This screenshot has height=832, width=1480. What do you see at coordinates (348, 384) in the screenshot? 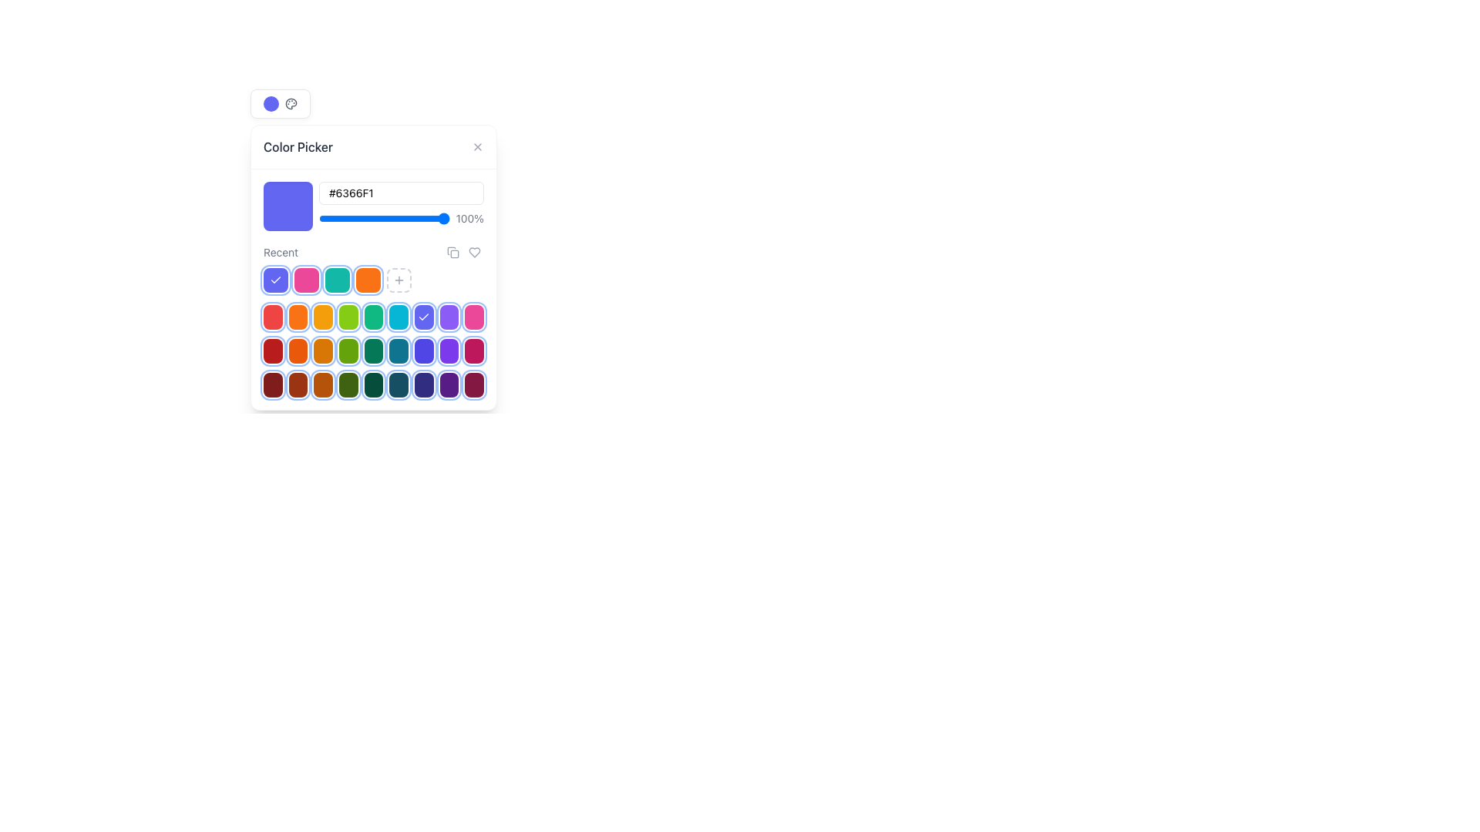
I see `the green square-shaped button with rounded corners and a distinct border ring, located in the 'Recent' section` at bounding box center [348, 384].